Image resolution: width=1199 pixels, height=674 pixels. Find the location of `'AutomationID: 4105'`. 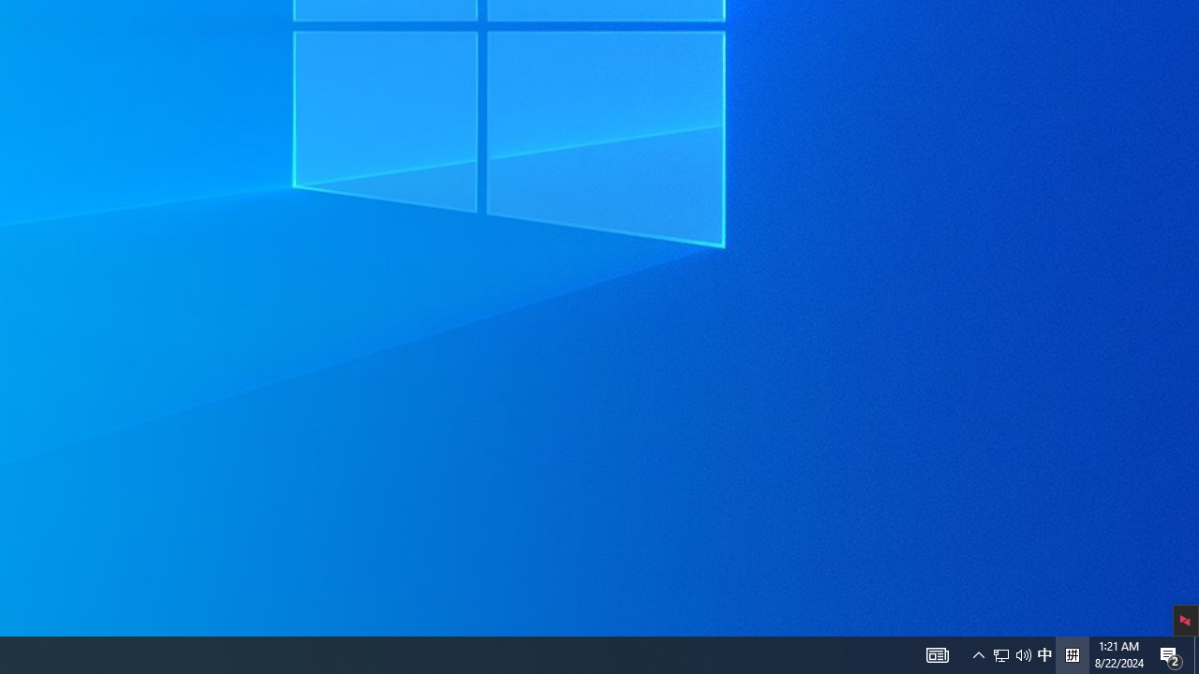

'AutomationID: 4105' is located at coordinates (978, 653).